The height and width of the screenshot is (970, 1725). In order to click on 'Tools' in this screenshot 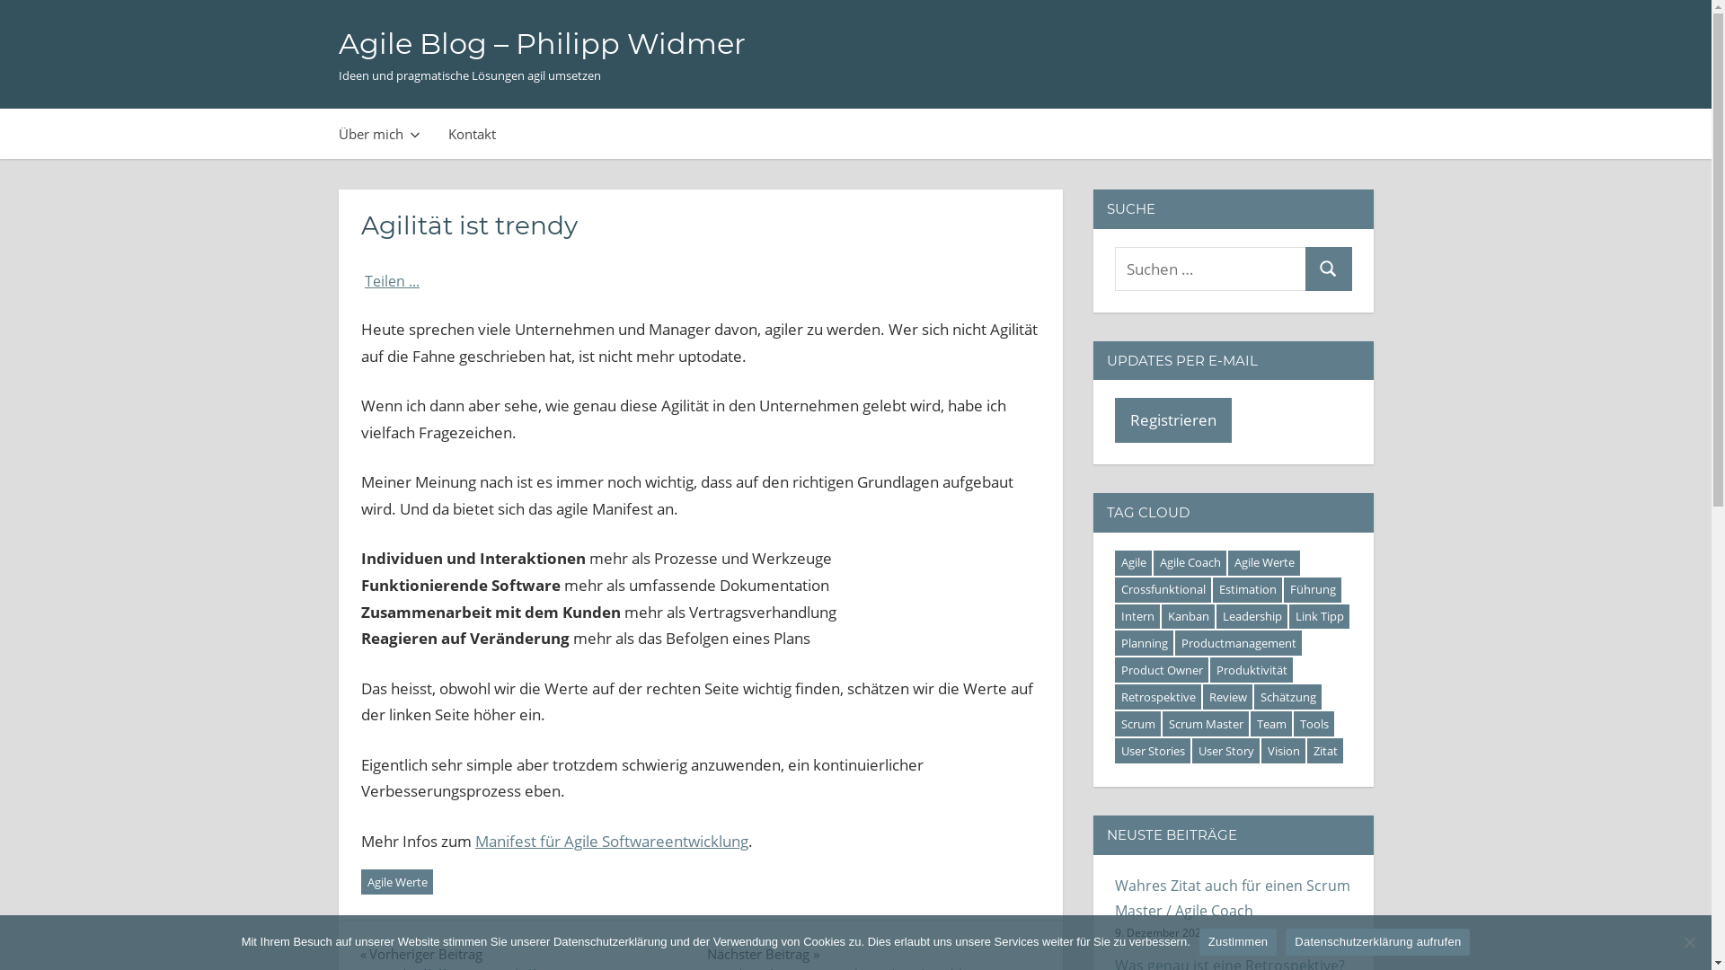, I will do `click(1314, 723)`.